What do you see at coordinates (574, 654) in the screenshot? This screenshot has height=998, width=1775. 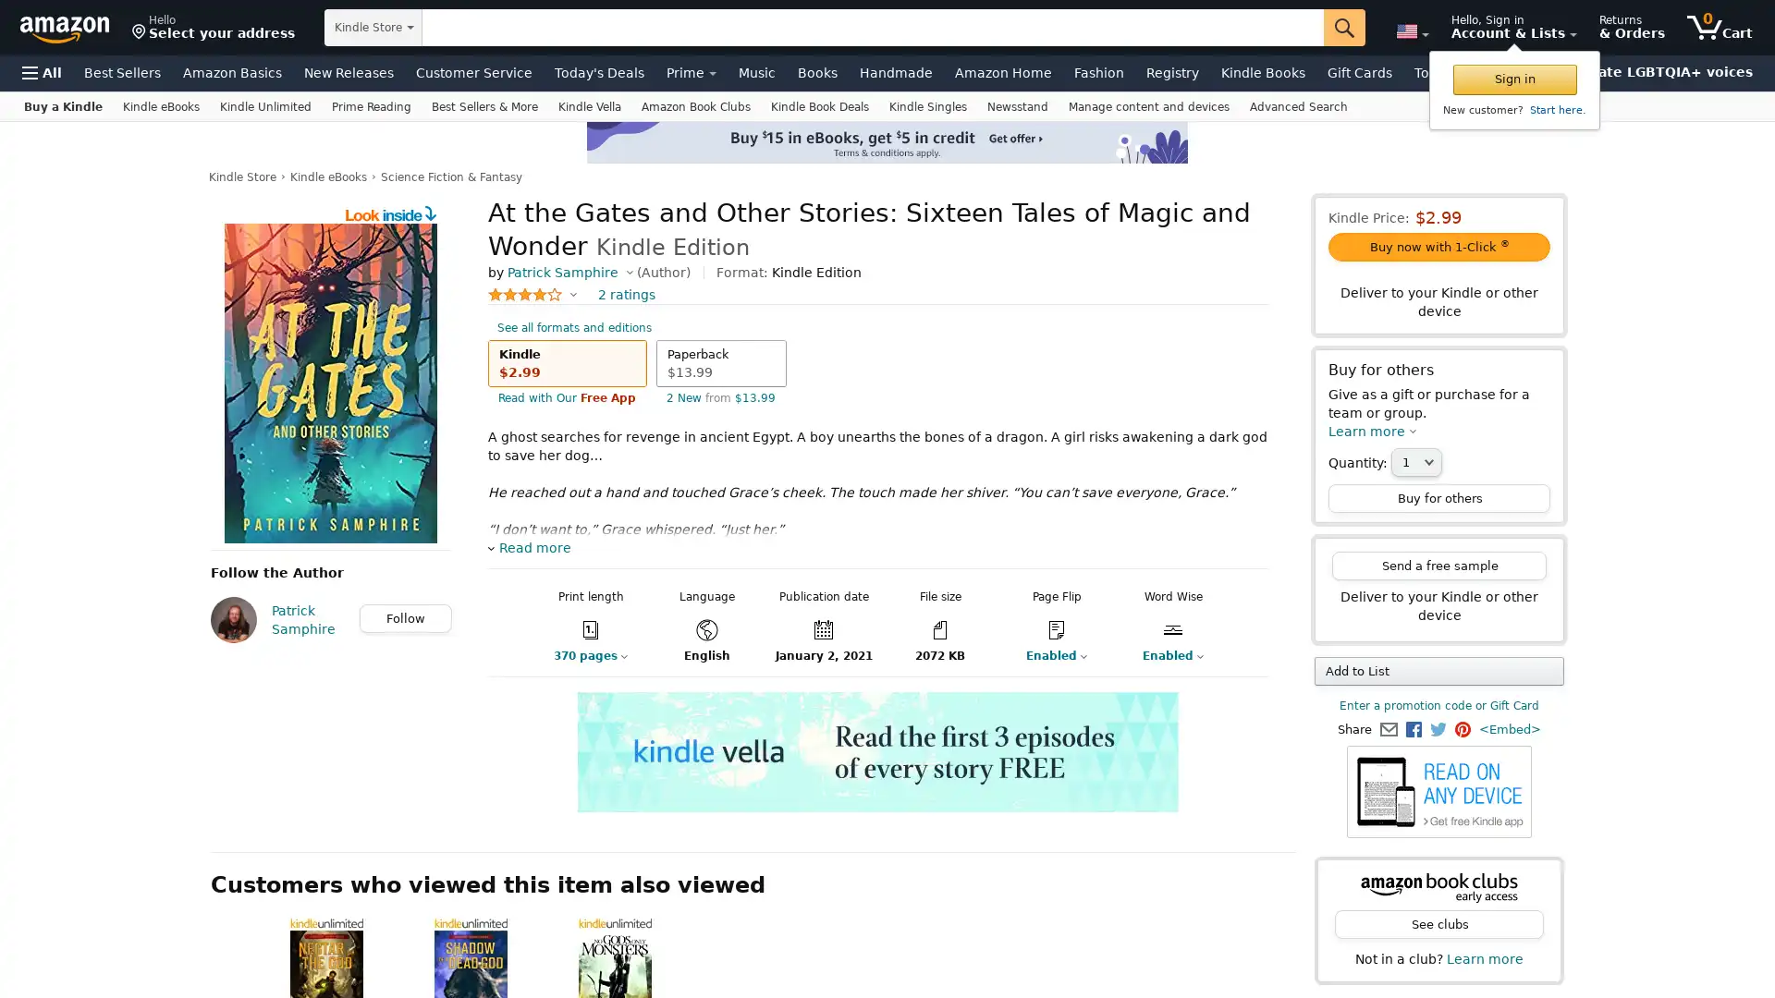 I see `370 pages` at bounding box center [574, 654].